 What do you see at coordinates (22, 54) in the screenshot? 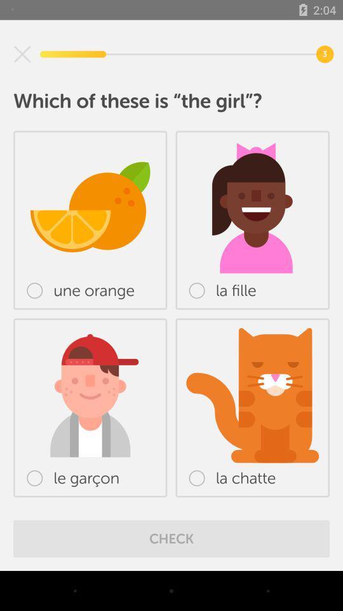
I see `the icon above the which of these icon` at bounding box center [22, 54].